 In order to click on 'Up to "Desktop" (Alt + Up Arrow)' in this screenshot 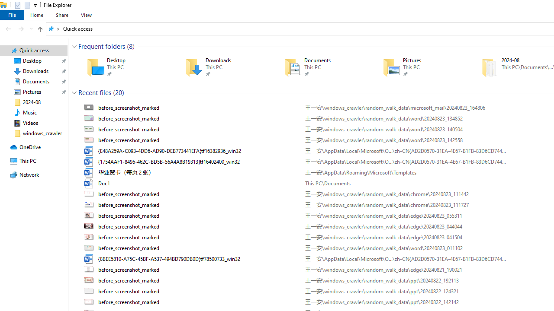, I will do `click(39, 29)`.